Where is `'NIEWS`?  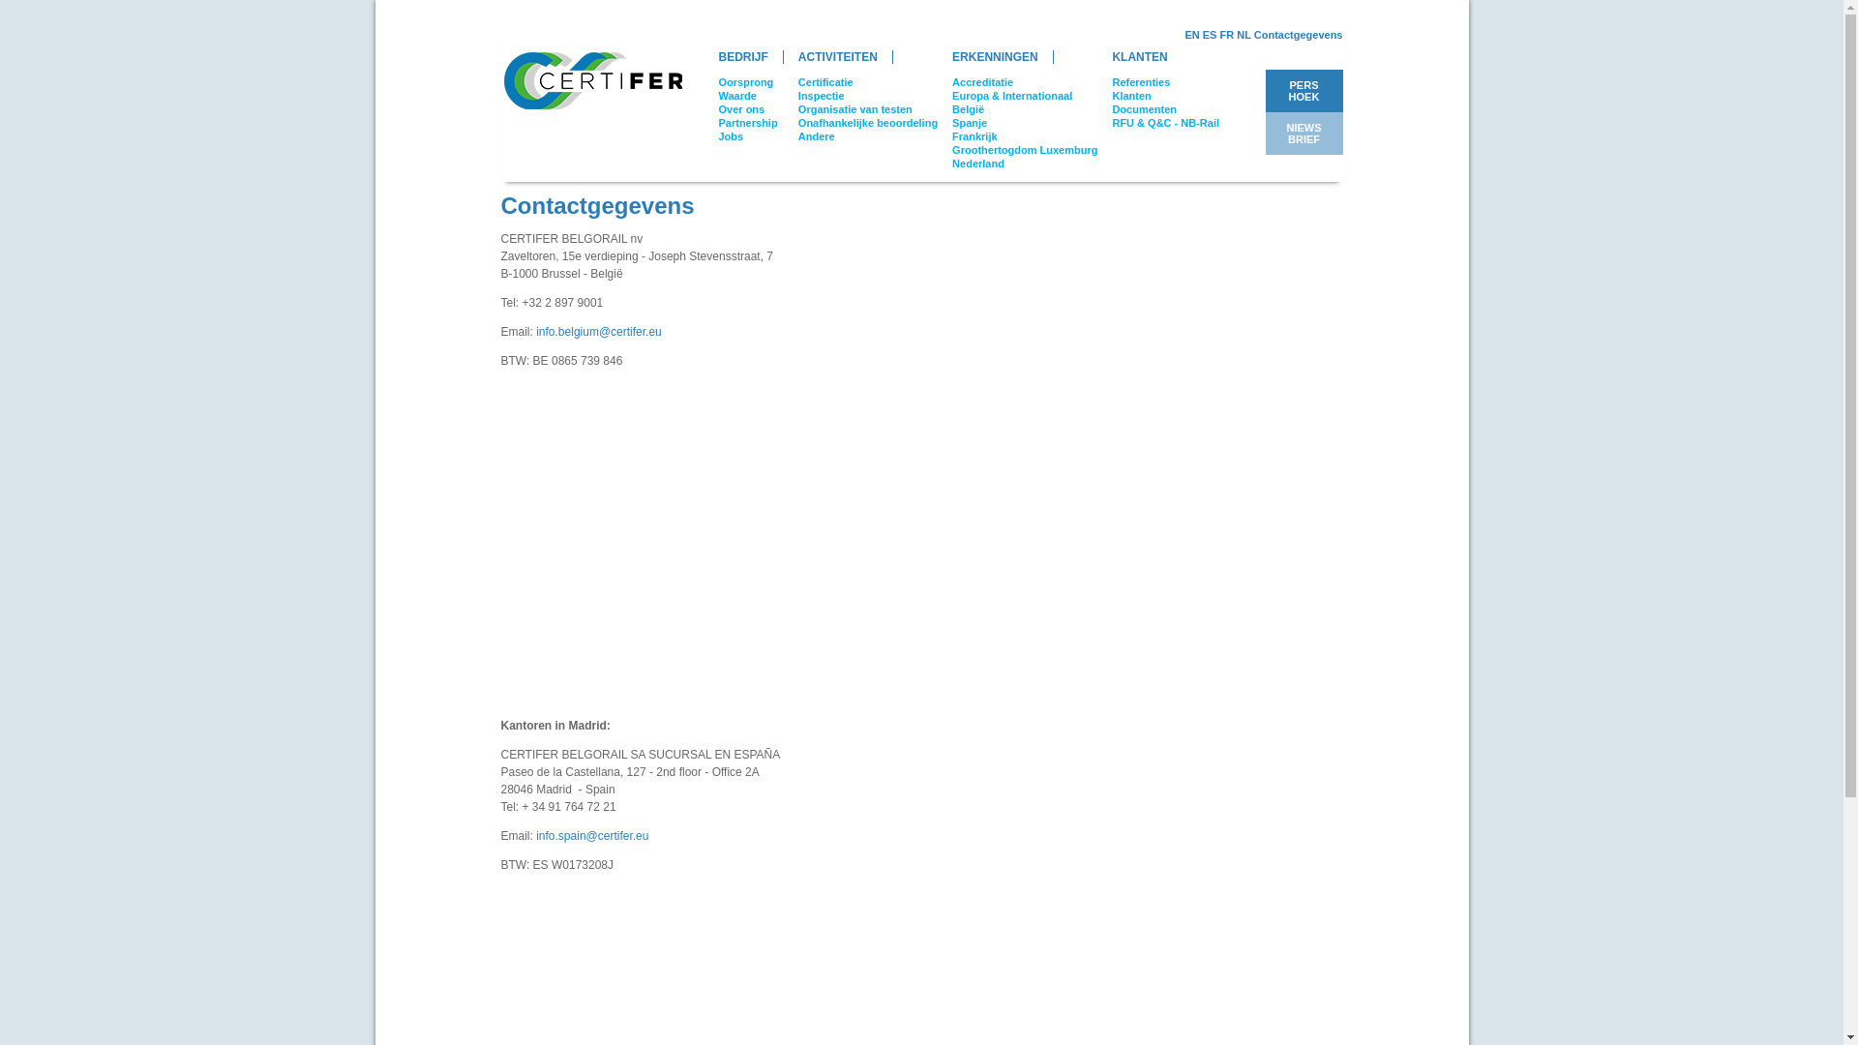 'NIEWS is located at coordinates (1304, 133).